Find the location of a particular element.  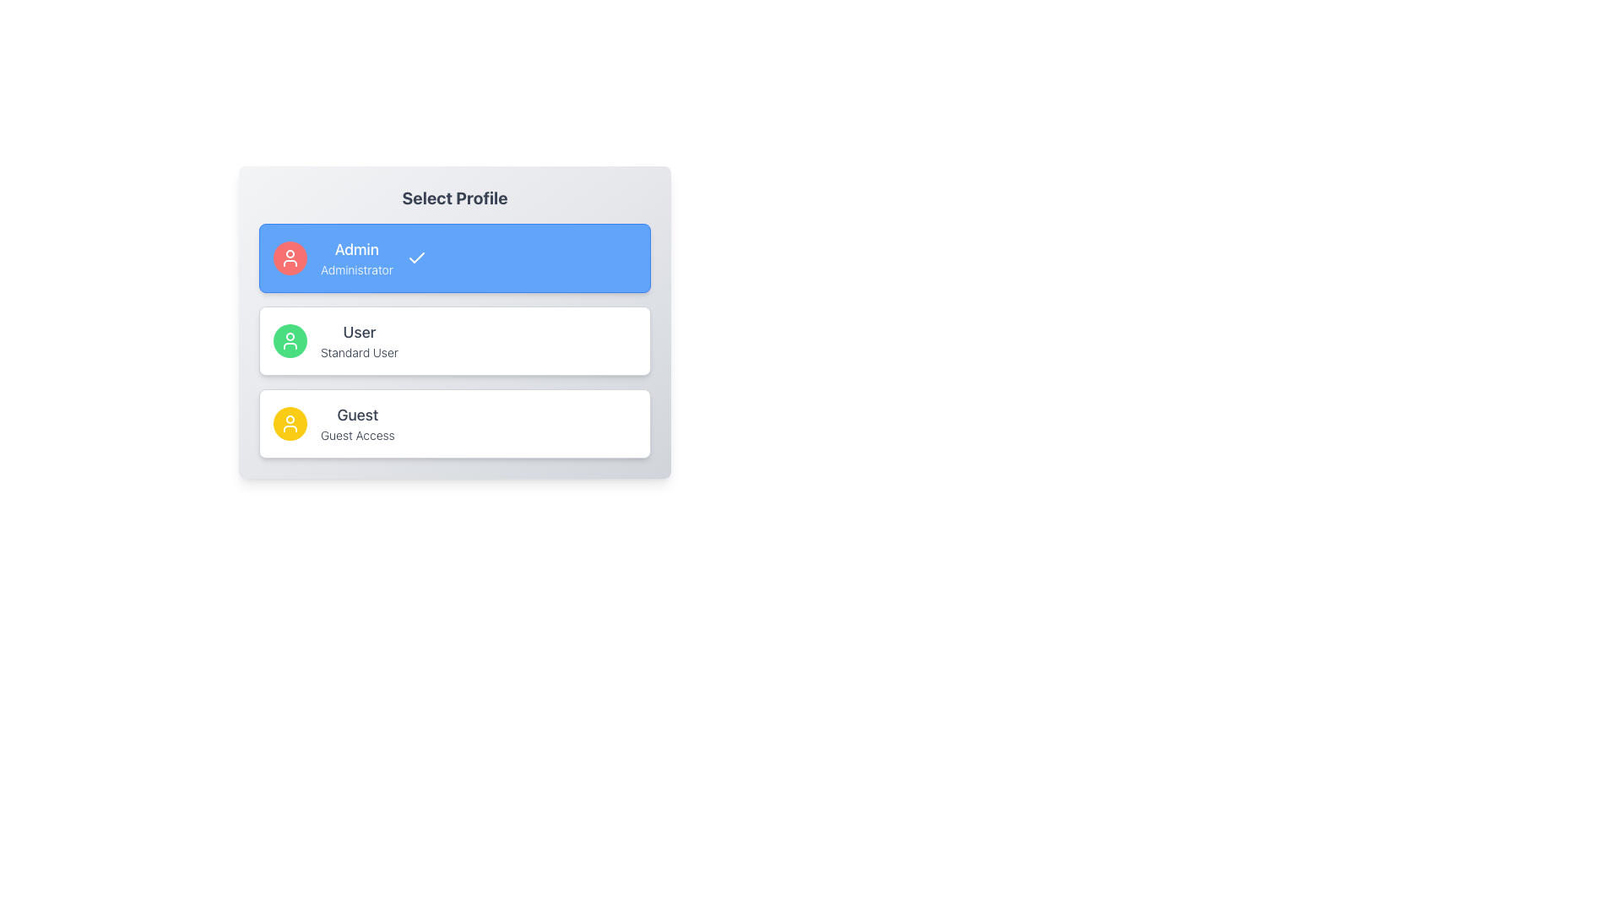

text label that displays the word 'Administrator', which is located below the 'Admin' title within a blue rectangular selection box in the user profile selection interface is located at coordinates (355, 269).